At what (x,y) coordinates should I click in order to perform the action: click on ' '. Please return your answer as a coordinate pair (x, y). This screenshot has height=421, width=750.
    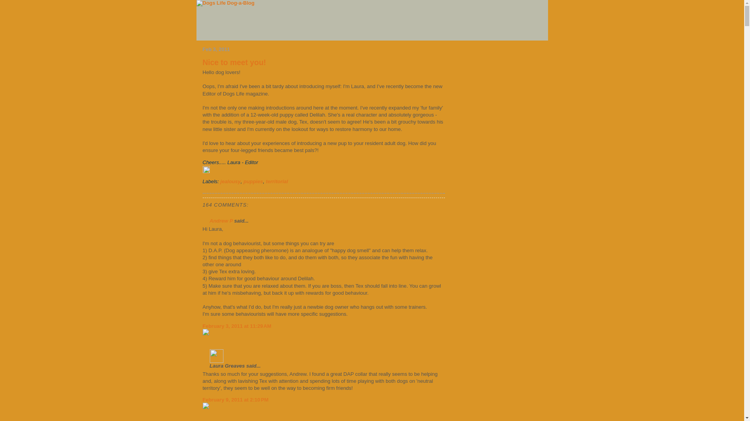
    Looking at the image, I should click on (260, 162).